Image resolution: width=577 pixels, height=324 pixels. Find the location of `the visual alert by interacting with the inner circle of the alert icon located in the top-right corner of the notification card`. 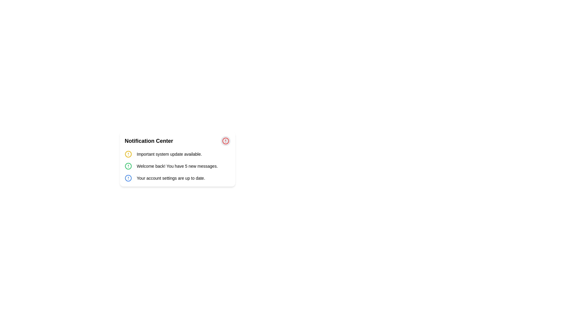

the visual alert by interacting with the inner circle of the alert icon located in the top-right corner of the notification card is located at coordinates (128, 166).